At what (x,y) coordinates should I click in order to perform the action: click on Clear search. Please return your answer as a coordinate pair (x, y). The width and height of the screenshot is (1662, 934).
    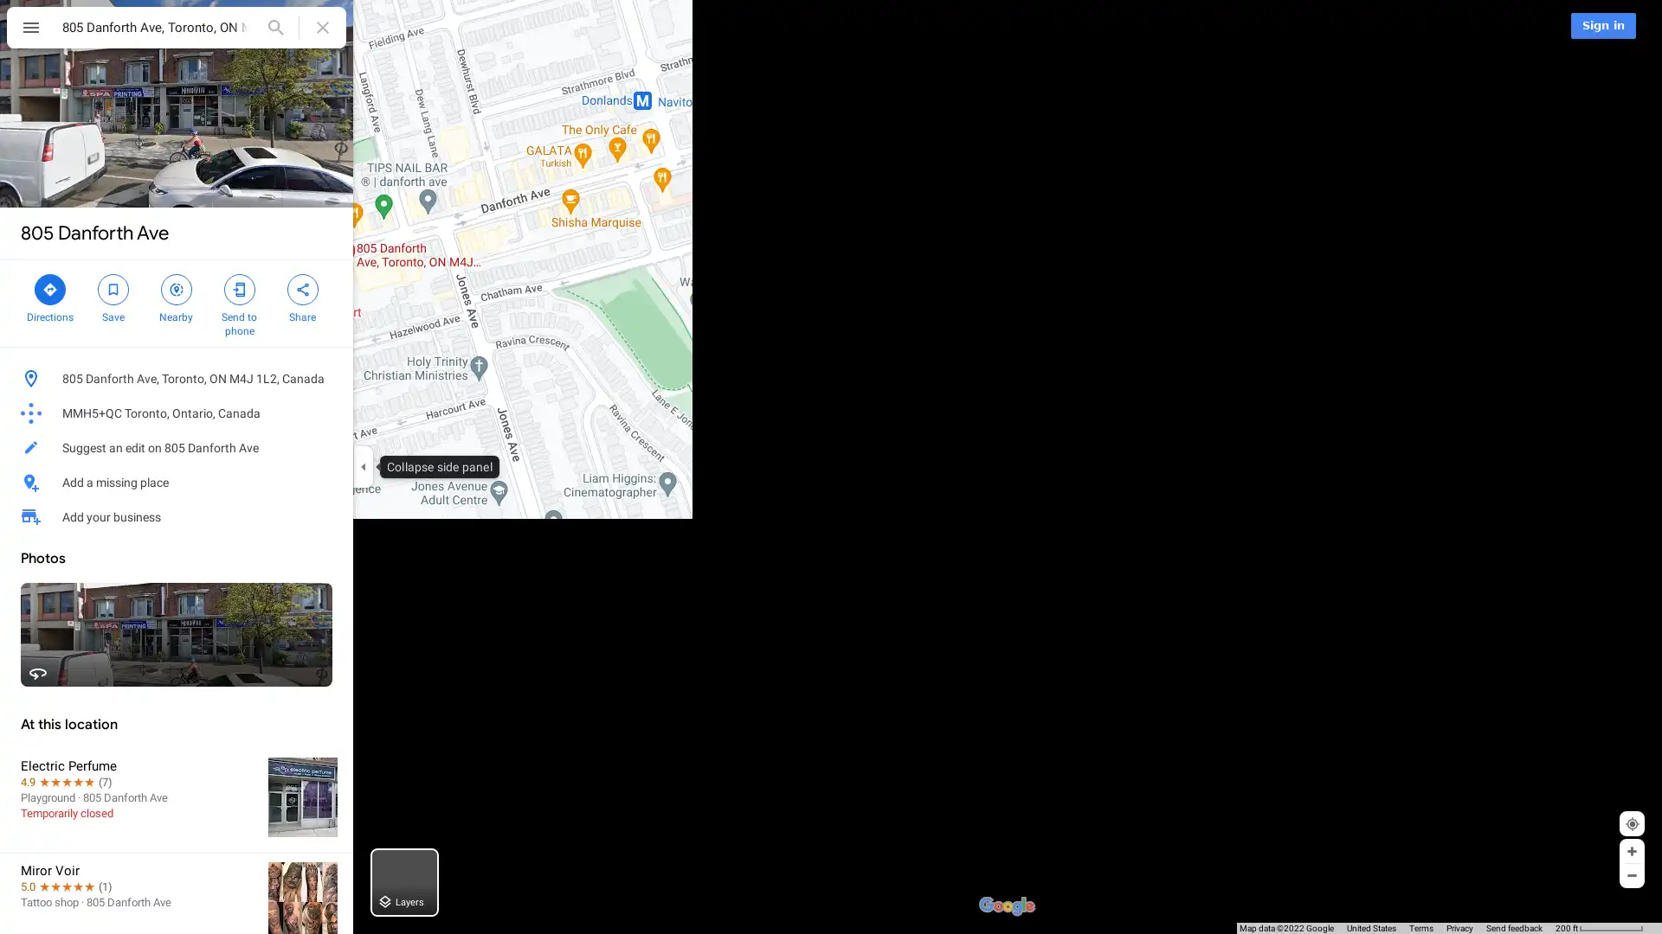
    Looking at the image, I should click on (323, 27).